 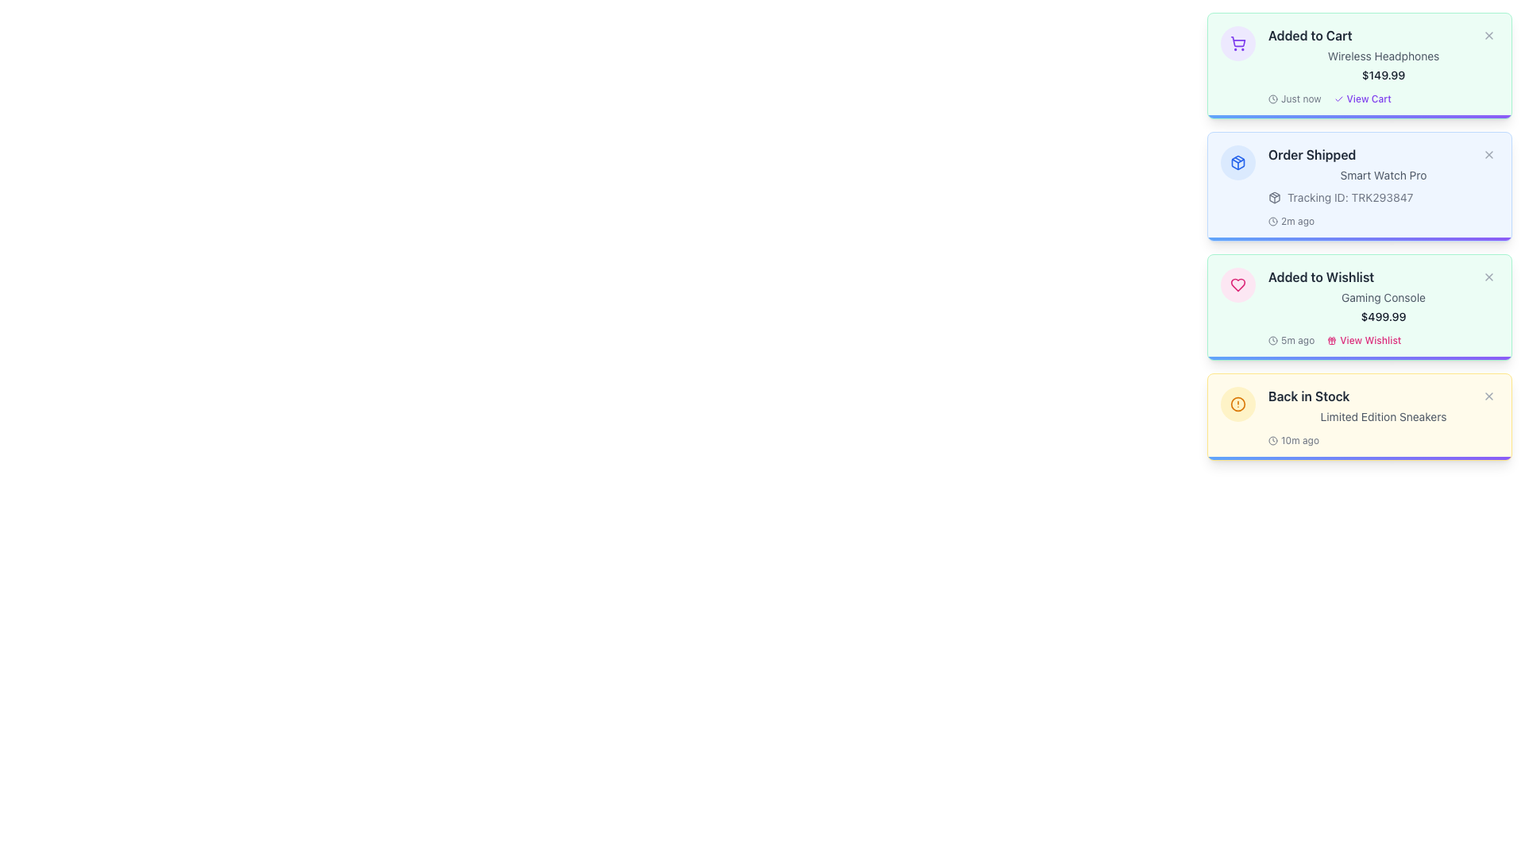 What do you see at coordinates (1349, 197) in the screenshot?
I see `the Text label that displays the tracking ID associated with an order or shipment, located to the right of the package icon` at bounding box center [1349, 197].